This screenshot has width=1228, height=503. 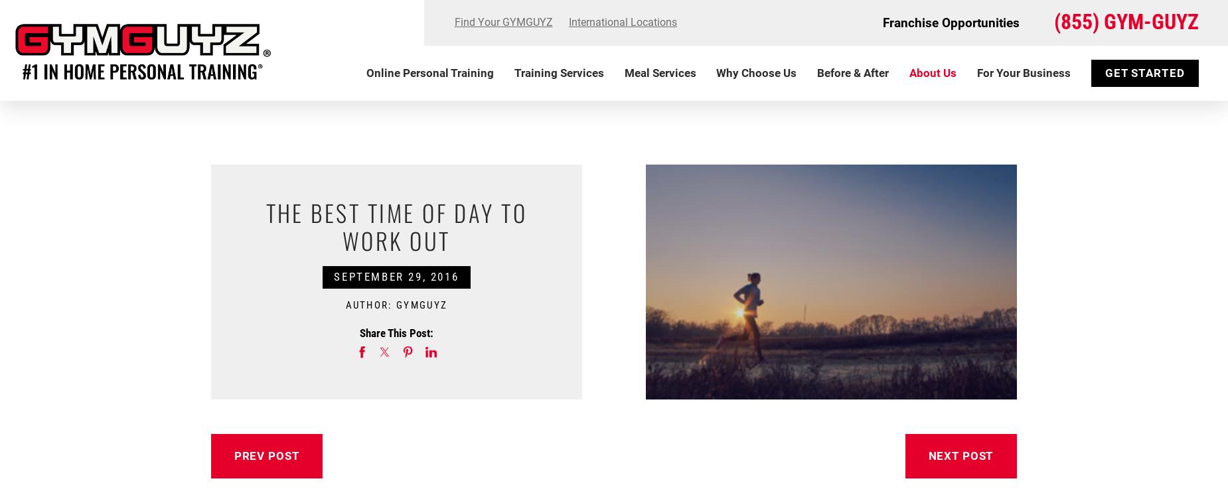 What do you see at coordinates (520, 236) in the screenshot?
I see `'Senior Fitness'` at bounding box center [520, 236].